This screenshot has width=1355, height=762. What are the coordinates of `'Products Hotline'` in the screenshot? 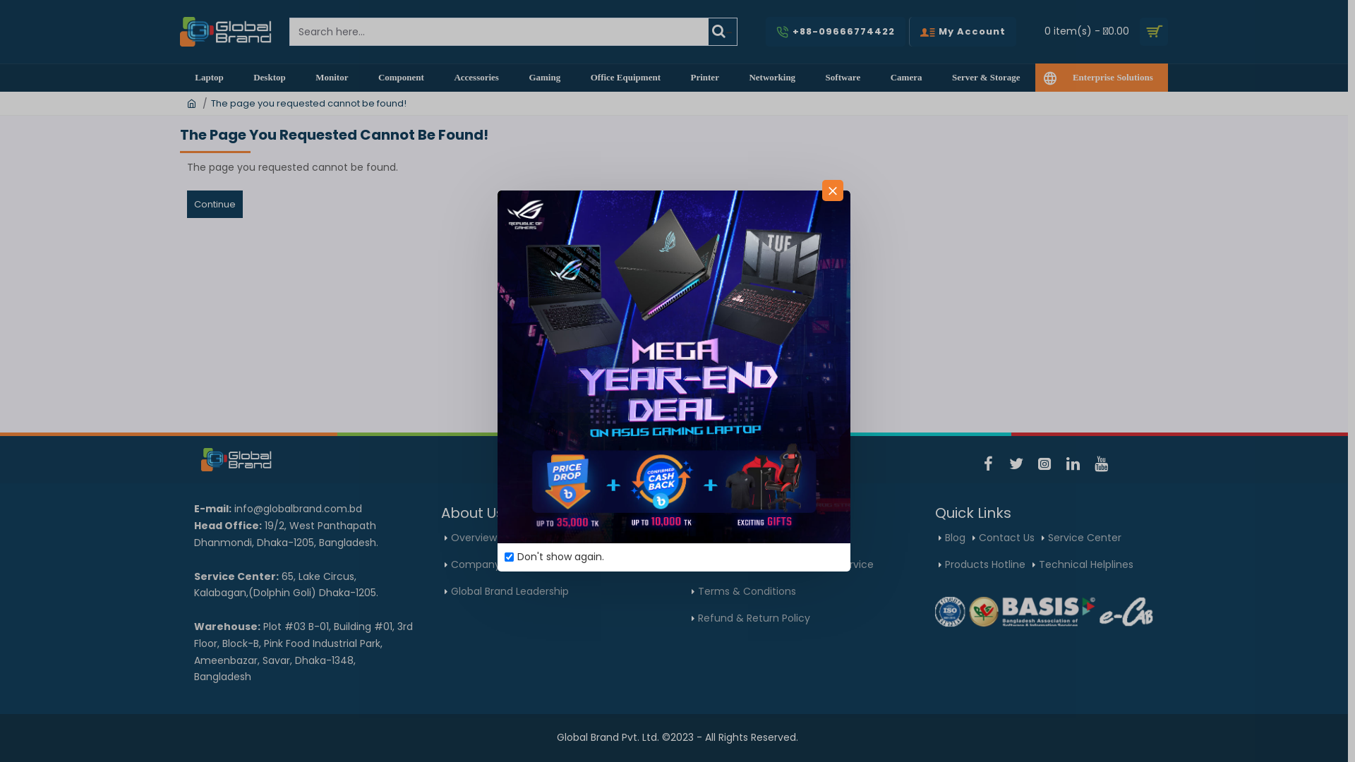 It's located at (938, 564).